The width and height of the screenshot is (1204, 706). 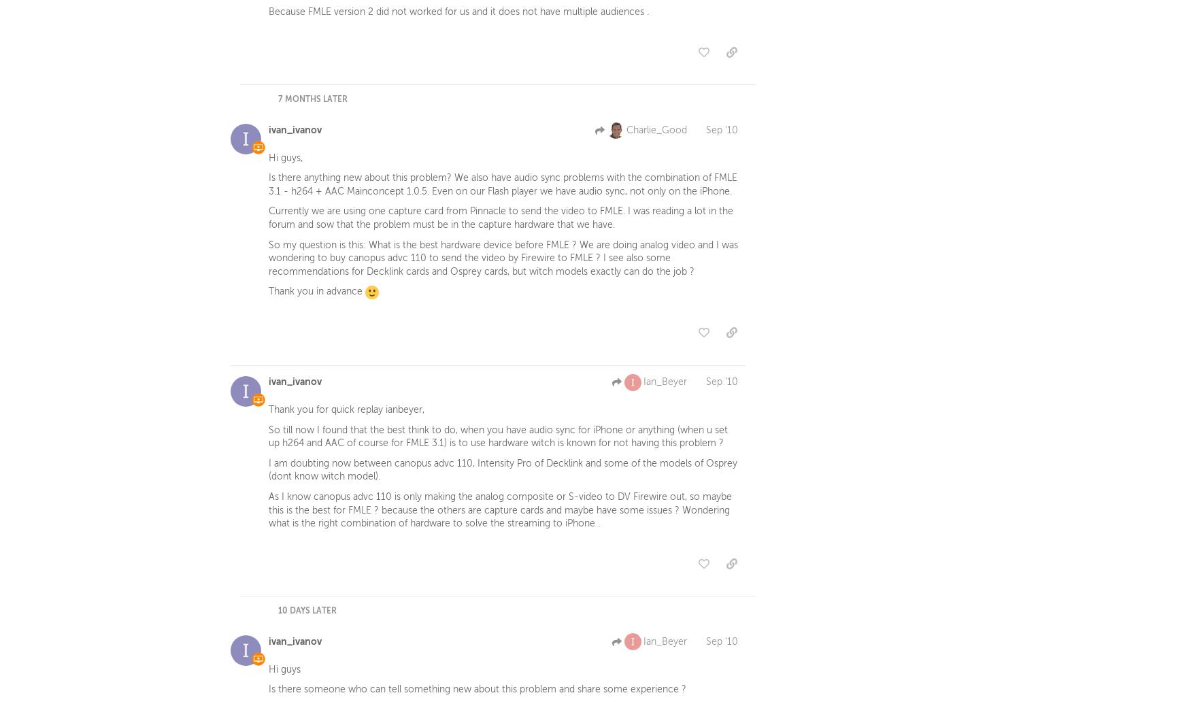 I want to click on 'Because FMLE version 2 did not worked for us and it does not have multiple audiences .', so click(x=458, y=14).